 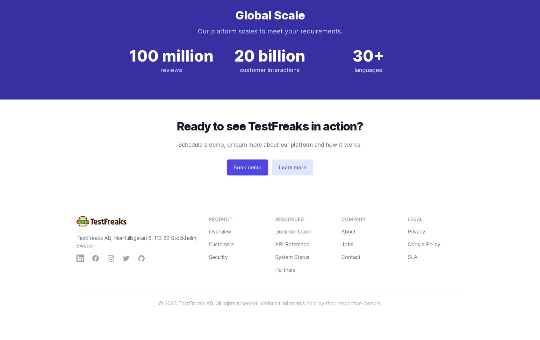 I want to click on 'Schedule a demo, or learn more about our platform and how it works.', so click(x=270, y=144).